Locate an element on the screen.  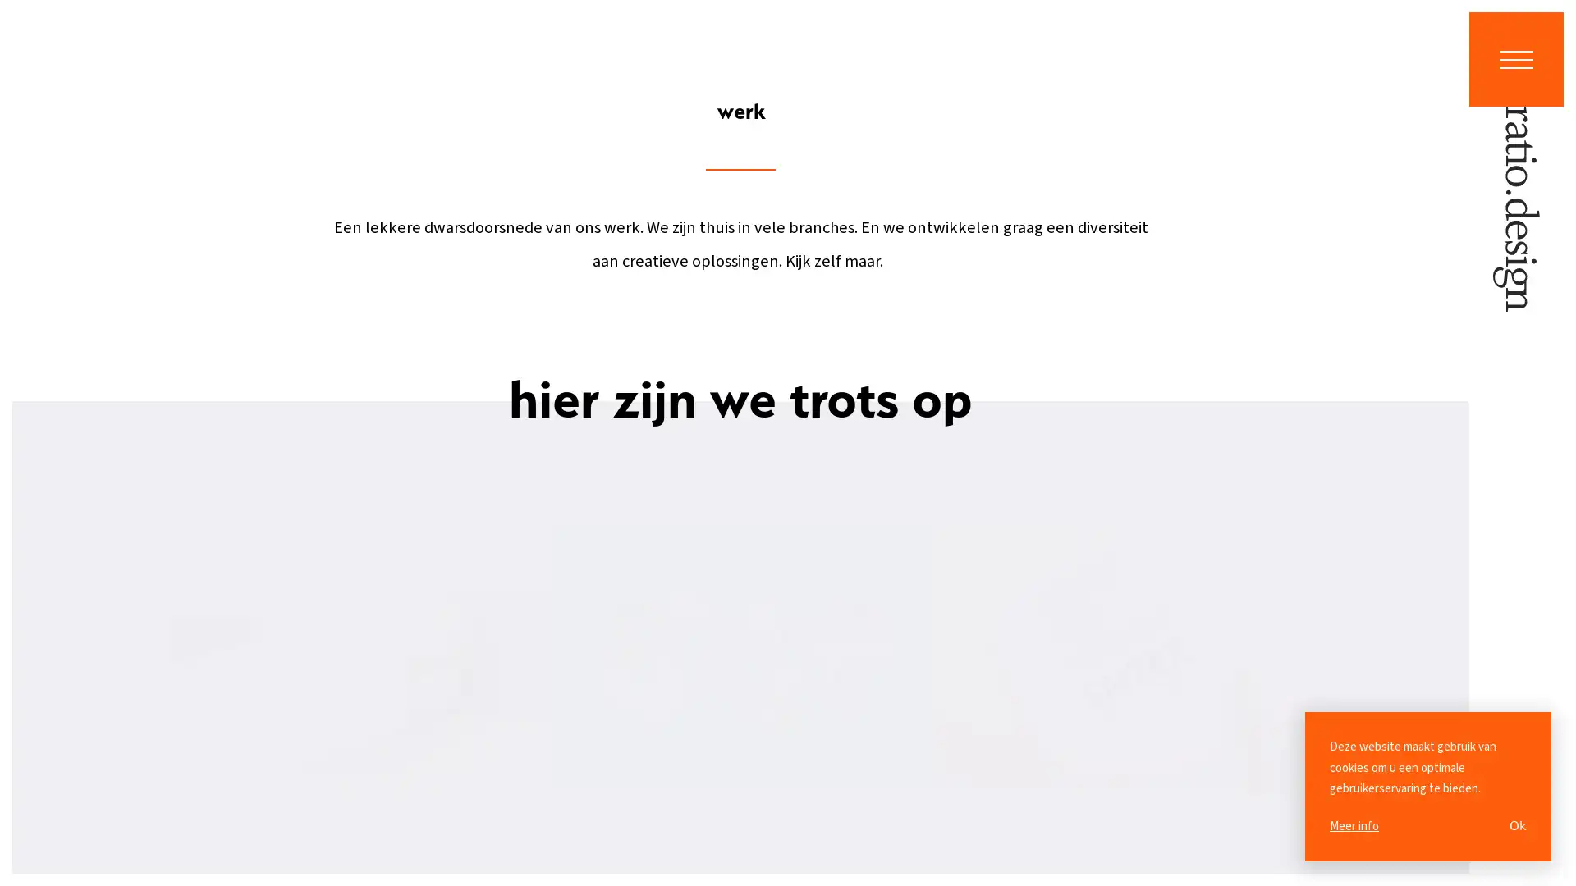
Ok is located at coordinates (1517, 825).